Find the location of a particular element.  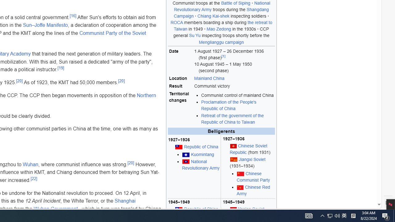

'Retreat of the government of the Republic of China to Taiwan' is located at coordinates (232, 118).